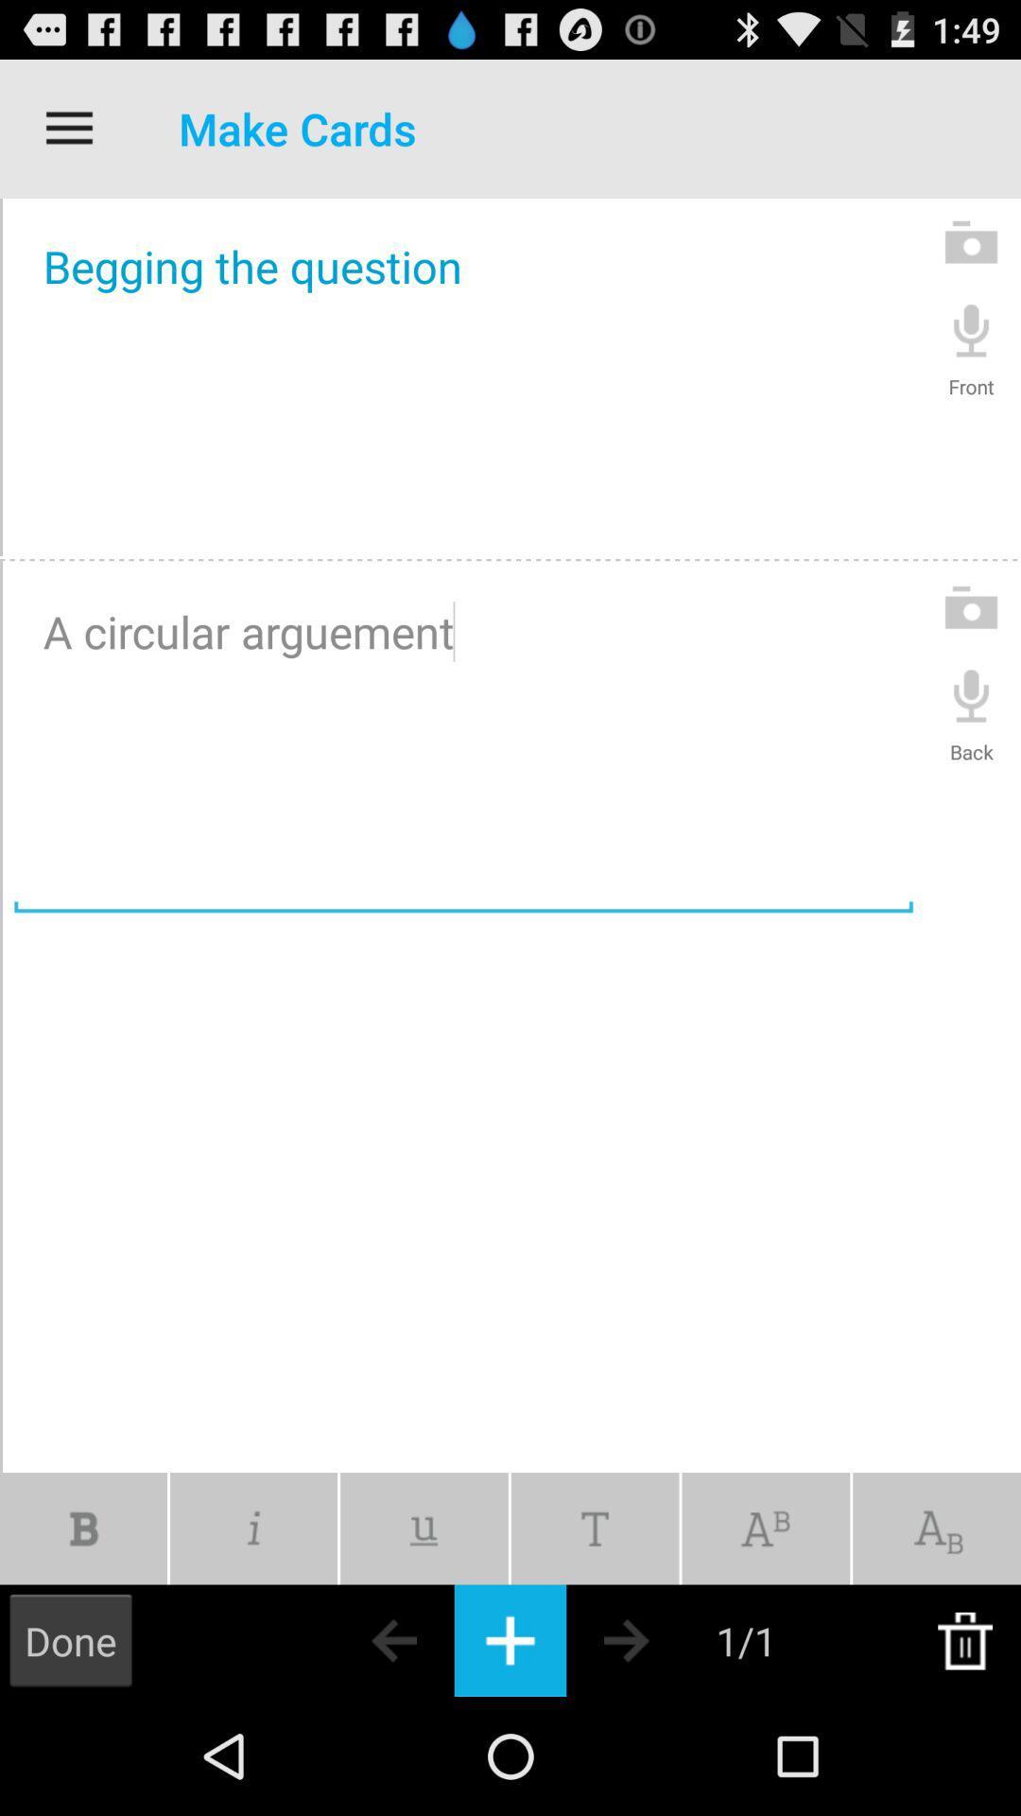 This screenshot has width=1021, height=1816. I want to click on delete note, so click(964, 1639).